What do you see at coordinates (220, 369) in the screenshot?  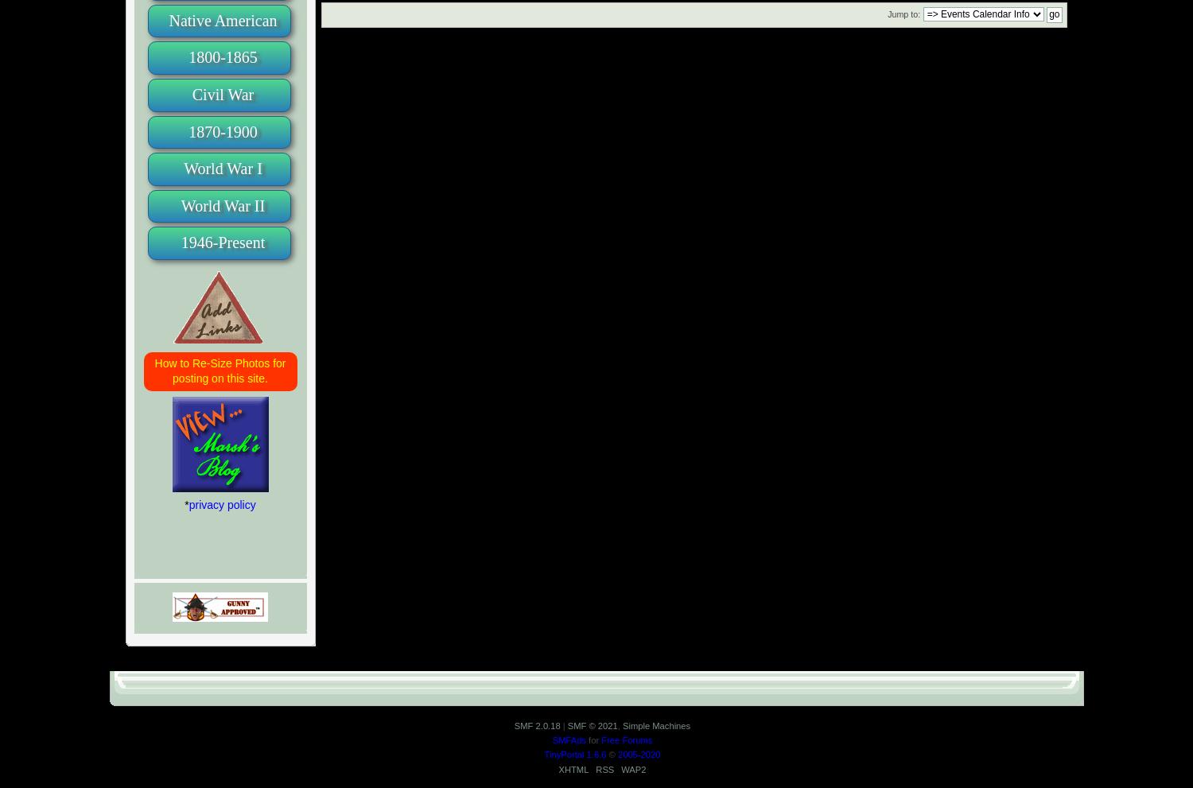 I see `'How to Re-Size Photos for posting on this site.'` at bounding box center [220, 369].